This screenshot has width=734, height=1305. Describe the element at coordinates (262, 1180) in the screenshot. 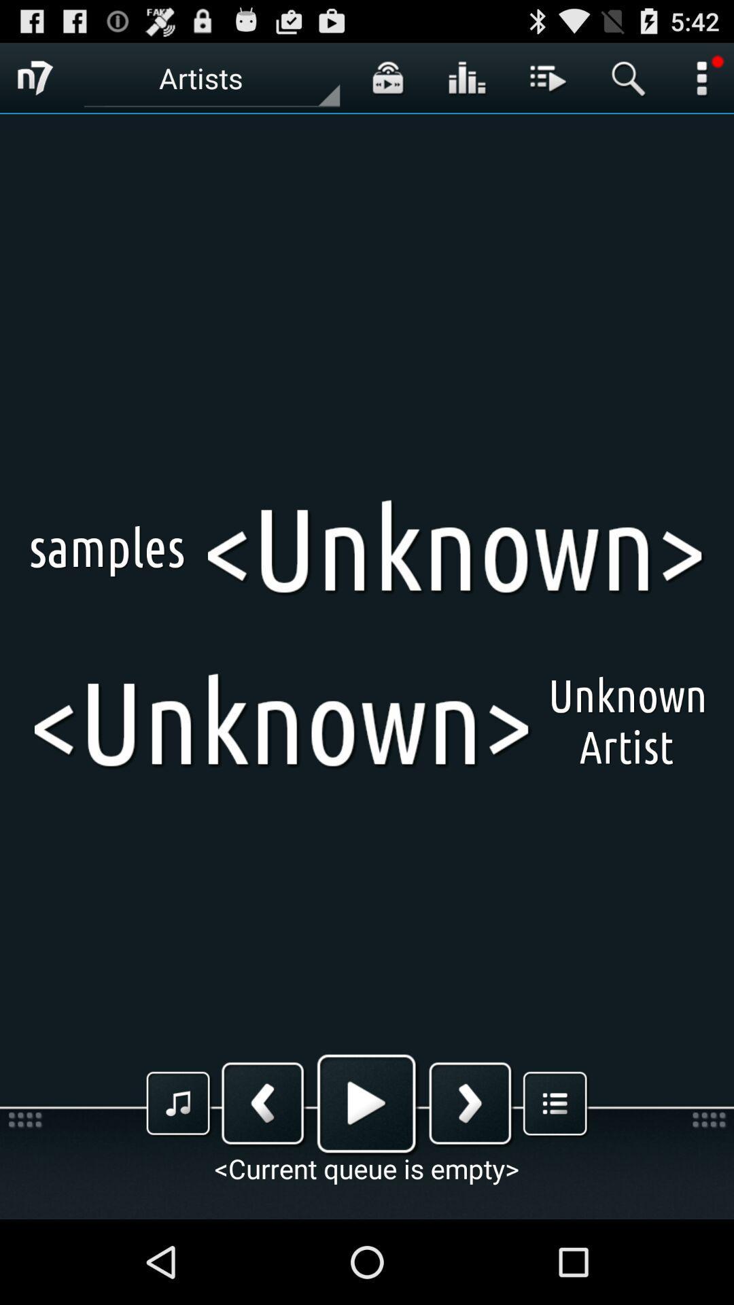

I see `the arrow_backward icon` at that location.